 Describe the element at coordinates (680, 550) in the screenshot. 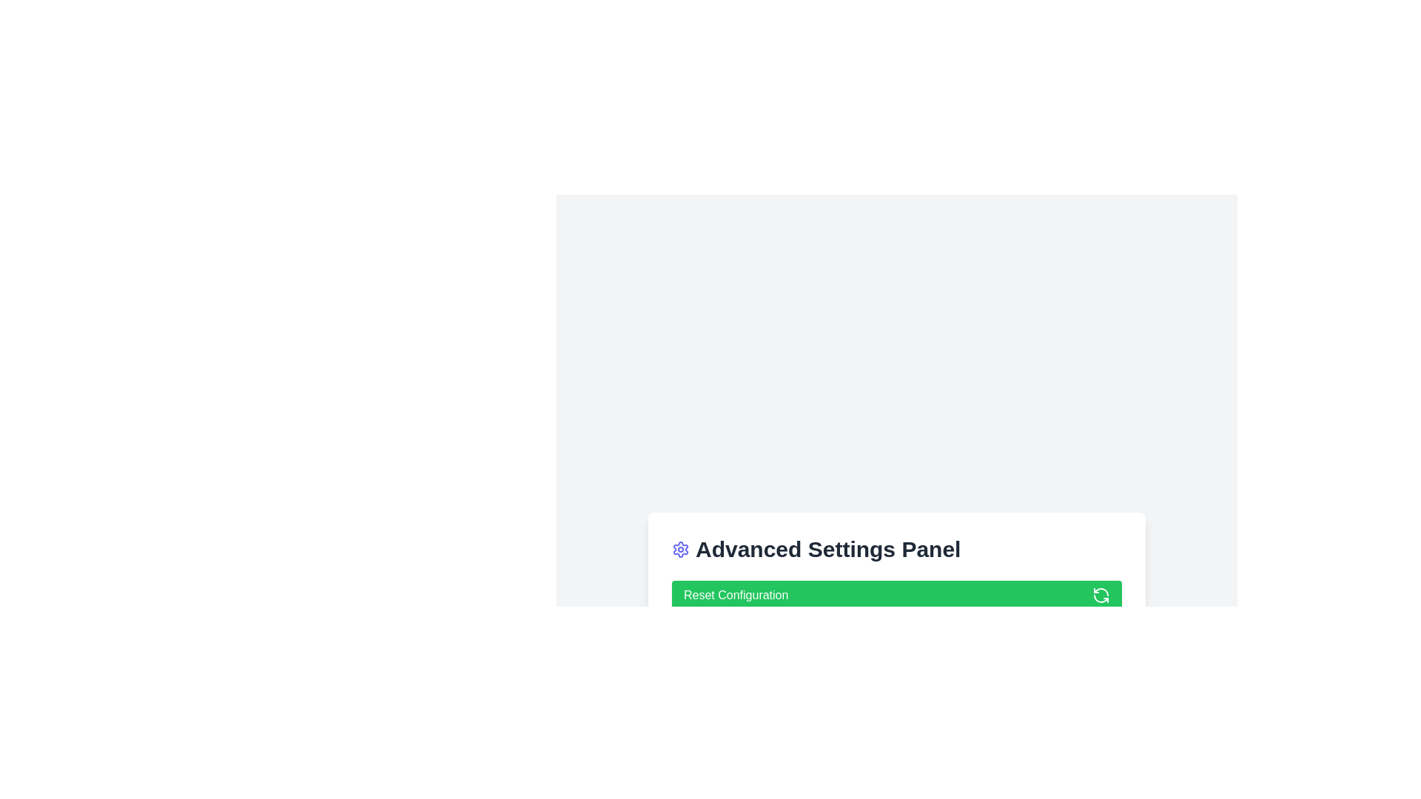

I see `the settings icon located to the immediate left of the 'Advanced Settings Panel' text label, as it represents configuration options` at that location.